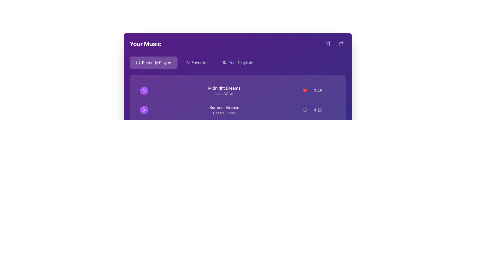  I want to click on the red heart-shaped button next to the song 'Midnight Dreams', so click(305, 90).